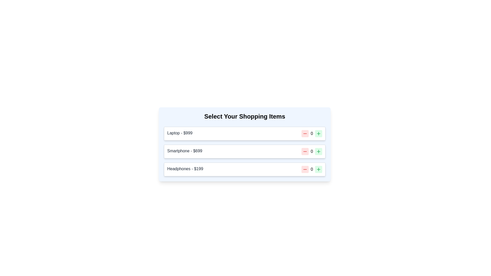 This screenshot has height=276, width=491. I want to click on the Text Label that identifies the product and its price, located at the top of the first shopping item layout, so click(180, 133).